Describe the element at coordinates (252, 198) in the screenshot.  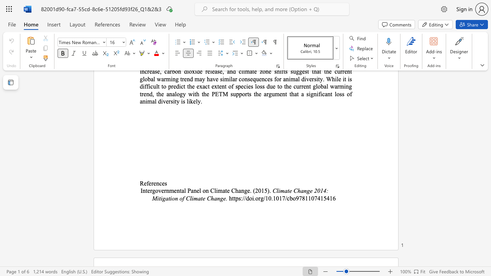
I see `the subset text "i.org/10.1017/cbo9781" within the text "https://doi.org/10.1017/cbo9781107415416"` at that location.